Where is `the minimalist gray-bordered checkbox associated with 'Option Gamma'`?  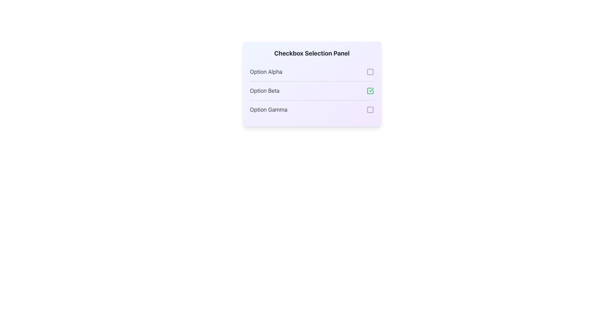
the minimalist gray-bordered checkbox associated with 'Option Gamma' is located at coordinates (370, 109).